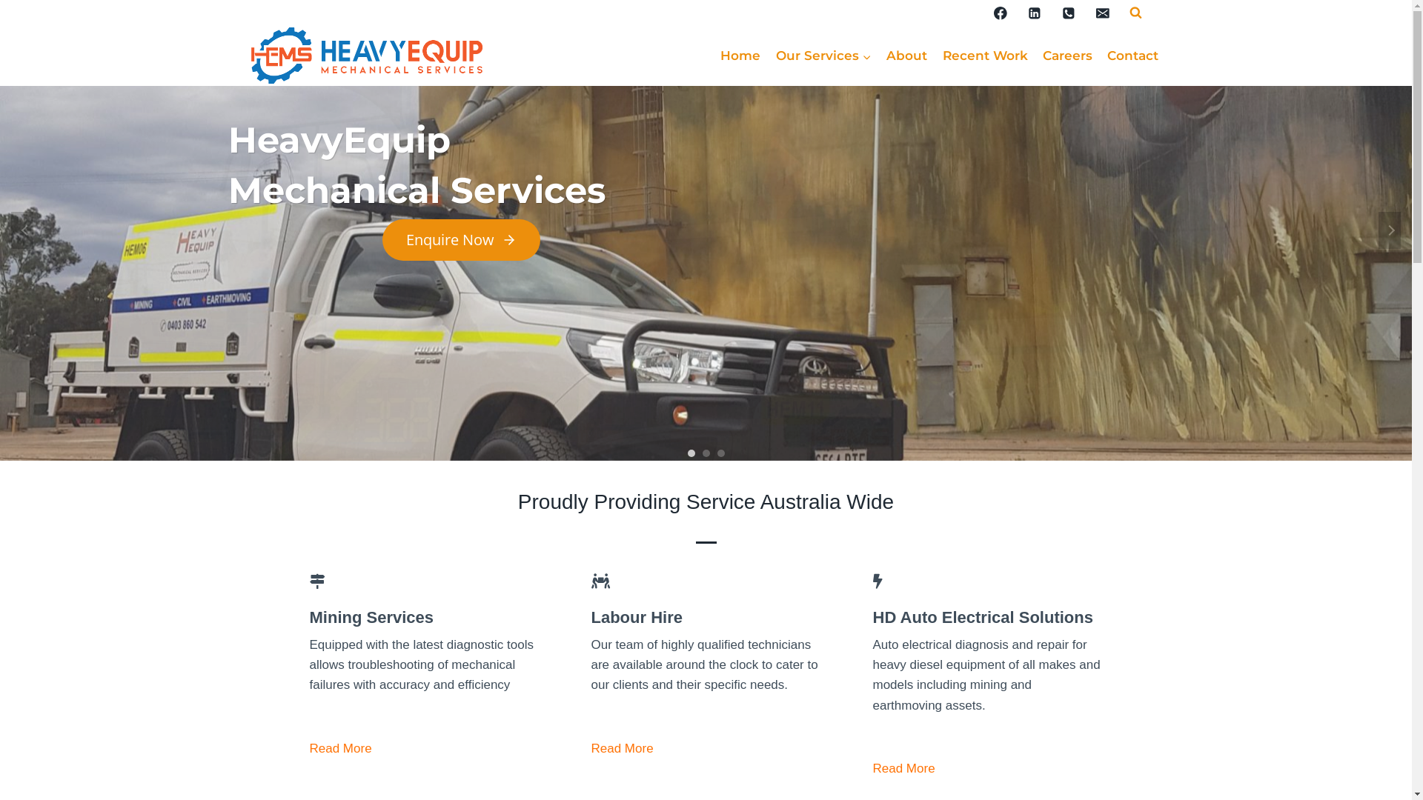 This screenshot has width=1423, height=800. I want to click on '1', so click(689, 453).